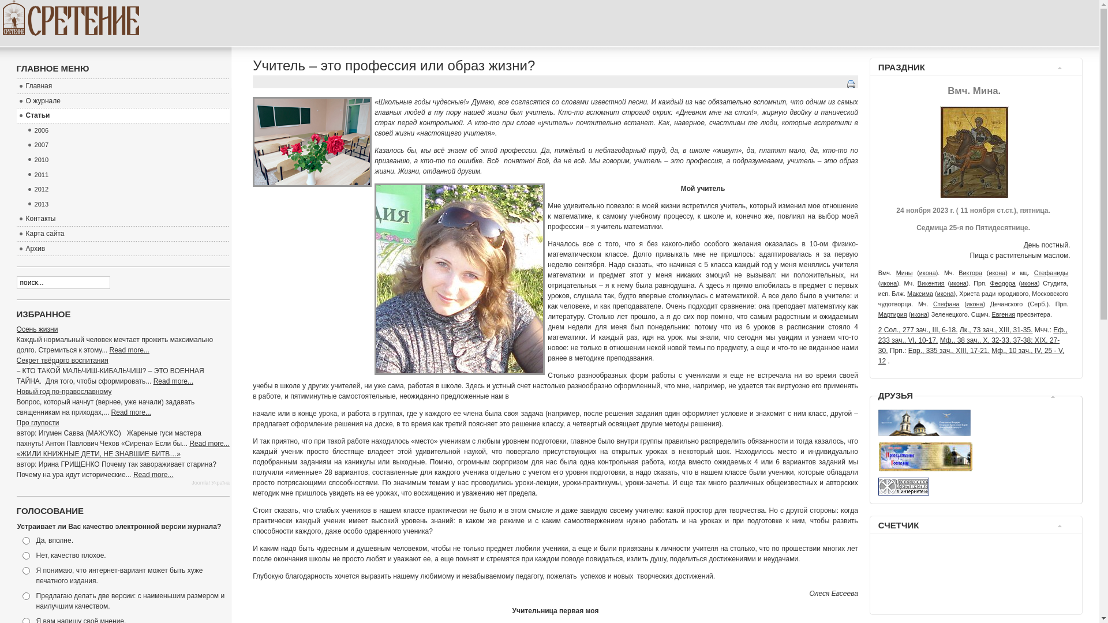 The height and width of the screenshot is (623, 1108). What do you see at coordinates (127, 204) in the screenshot?
I see `'2013'` at bounding box center [127, 204].